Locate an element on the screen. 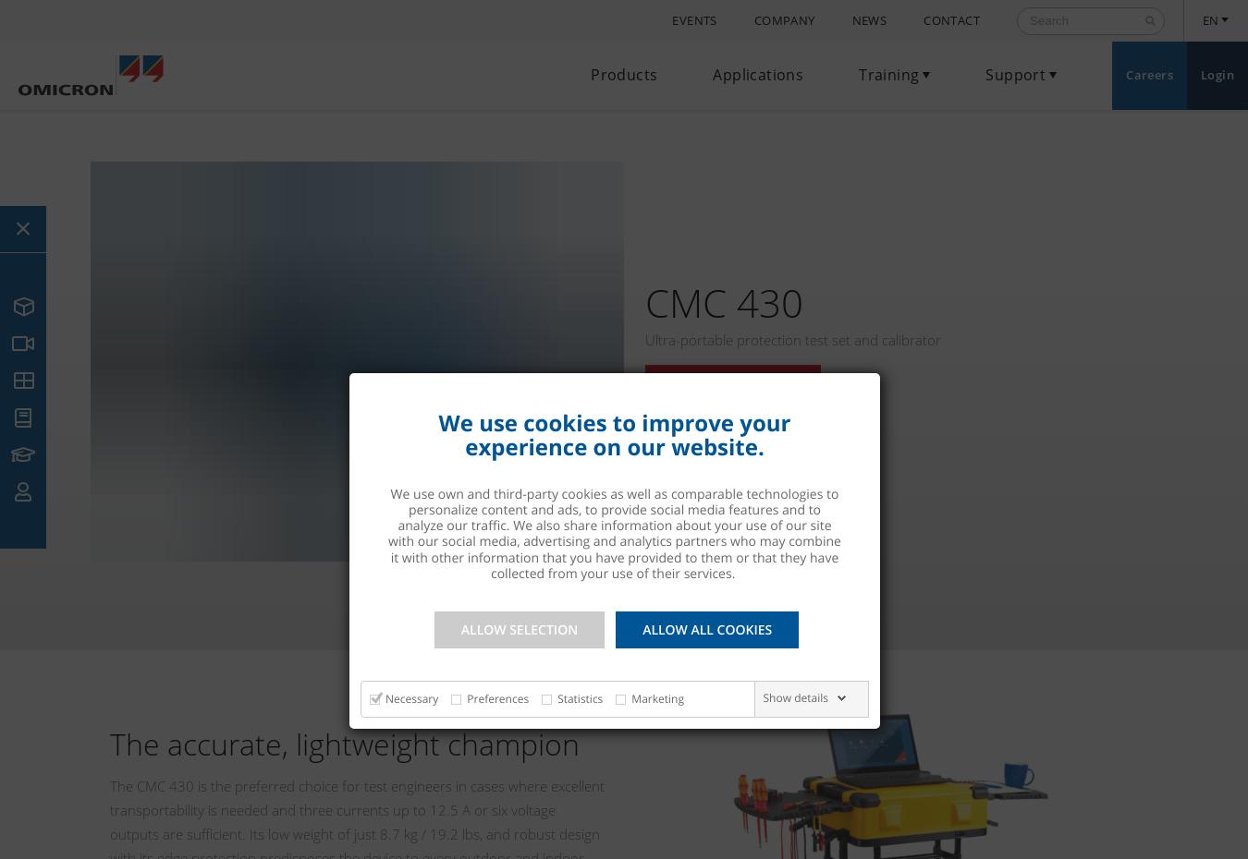  'CMC 430' is located at coordinates (722, 301).